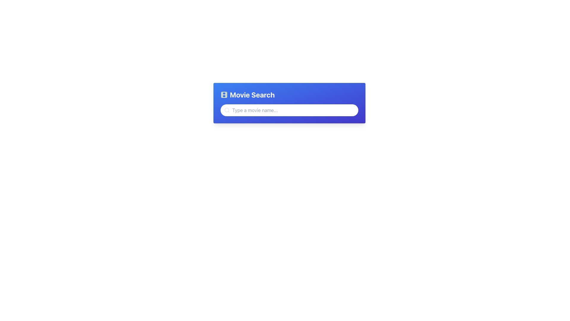  I want to click on the decorative rectangle within the film roll icon located at the top-left corner of the blue search interface, adjacent to the 'Movie Search' text, so click(224, 95).